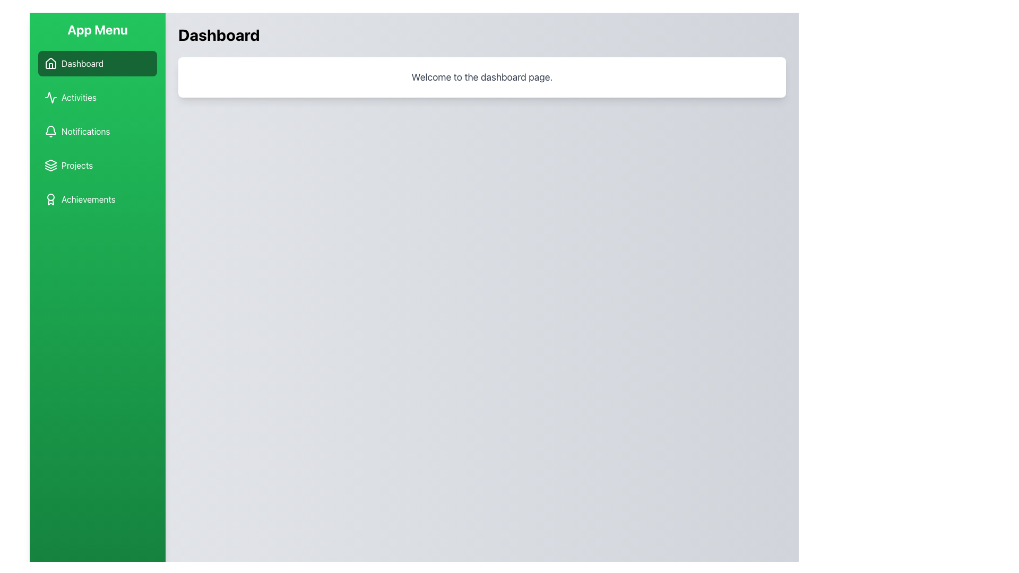  I want to click on the topmost triangle in the SVG graphic icon located in the sidebar, adjacent to the 'Projects' menu item, so click(50, 163).